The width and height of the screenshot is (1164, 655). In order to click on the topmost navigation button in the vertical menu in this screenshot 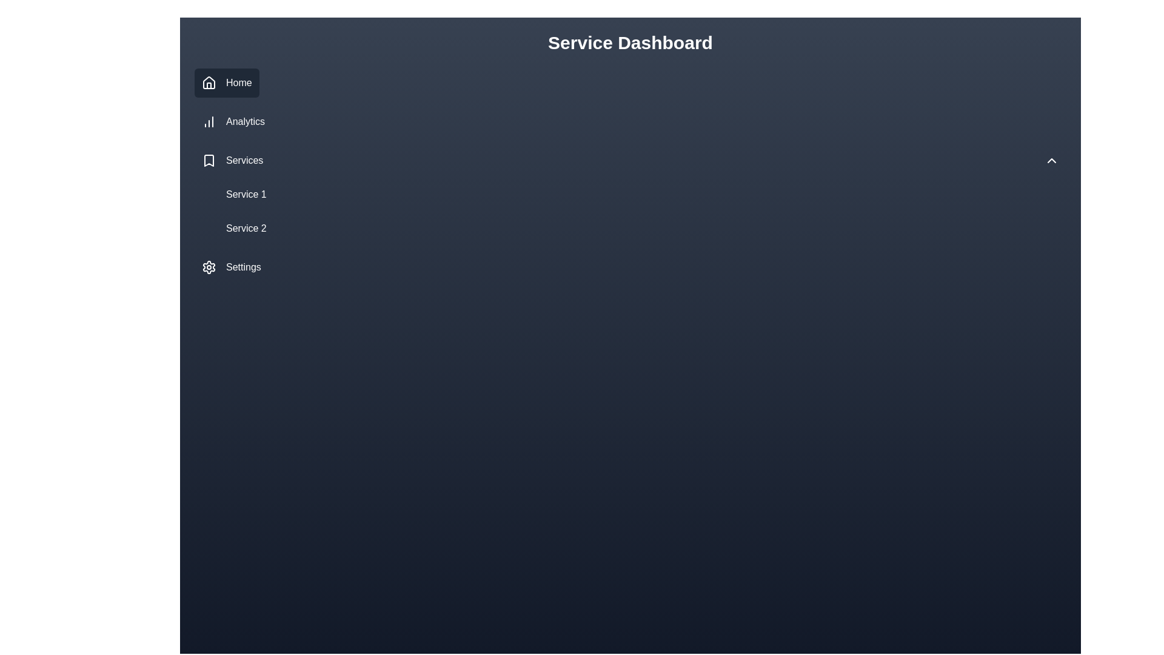, I will do `click(227, 82)`.